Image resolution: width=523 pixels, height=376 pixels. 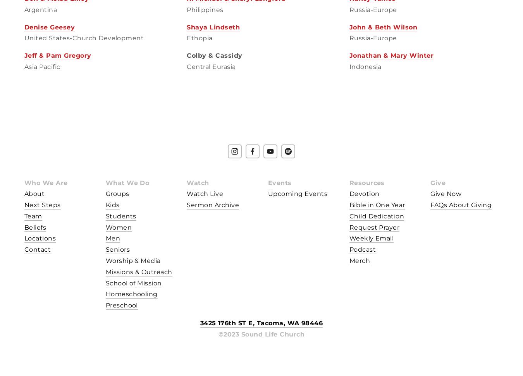 I want to click on 'Denise Geesey', so click(x=49, y=26).